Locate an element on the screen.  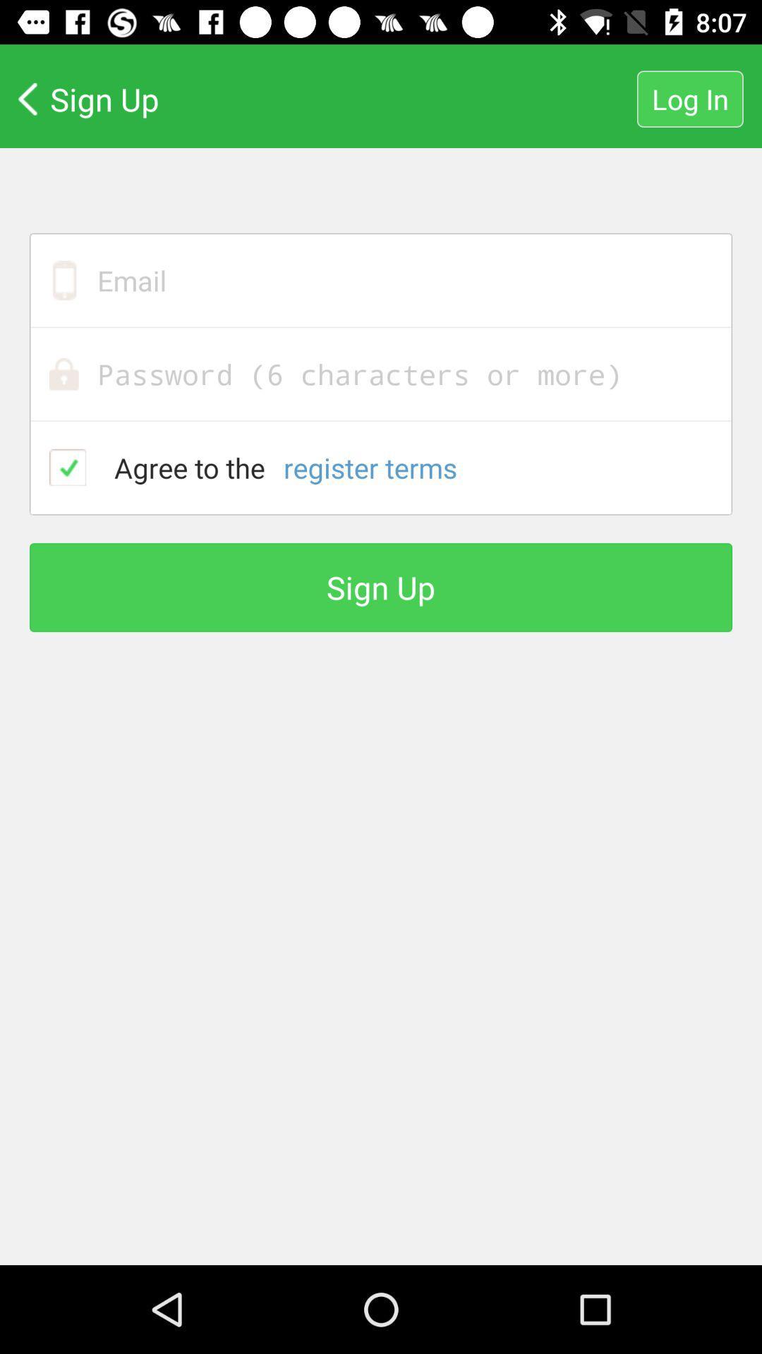
the log in is located at coordinates (689, 98).